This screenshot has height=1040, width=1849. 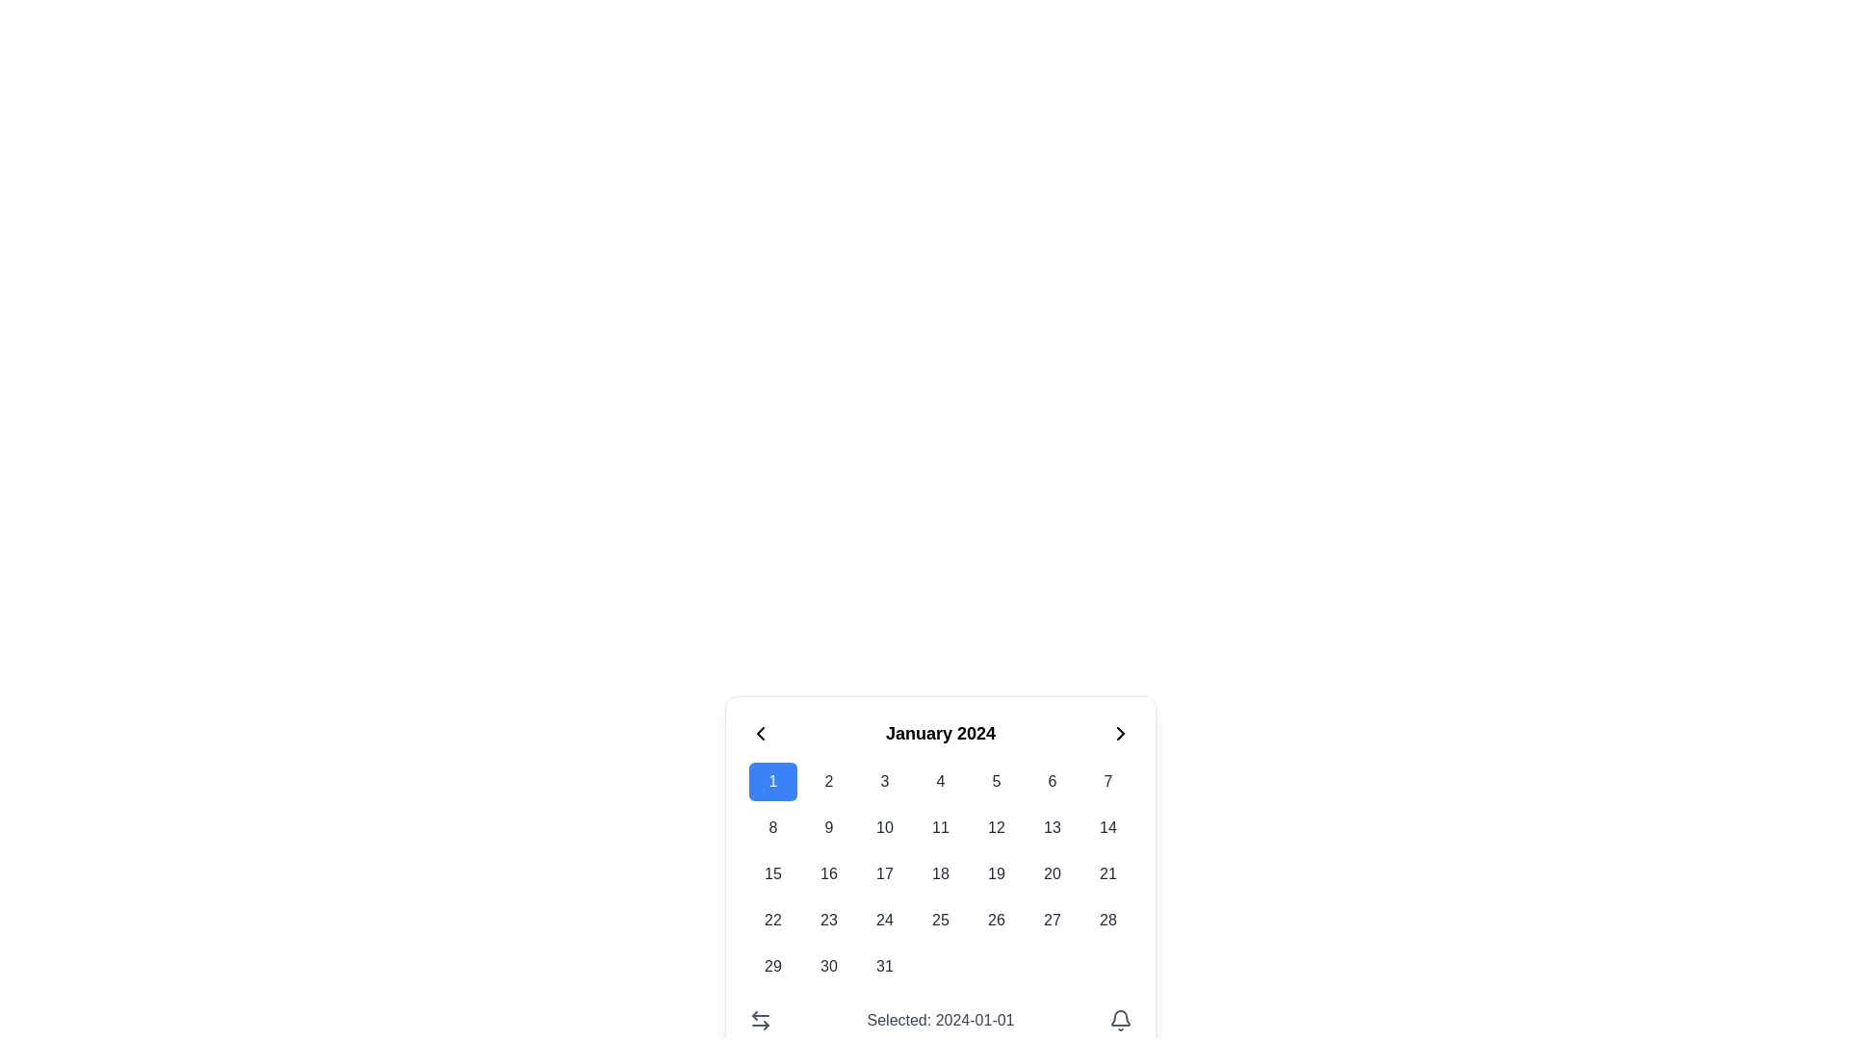 What do you see at coordinates (1052, 920) in the screenshot?
I see `the Text Label representing the 27th day of January 2024 in the calendar UI` at bounding box center [1052, 920].